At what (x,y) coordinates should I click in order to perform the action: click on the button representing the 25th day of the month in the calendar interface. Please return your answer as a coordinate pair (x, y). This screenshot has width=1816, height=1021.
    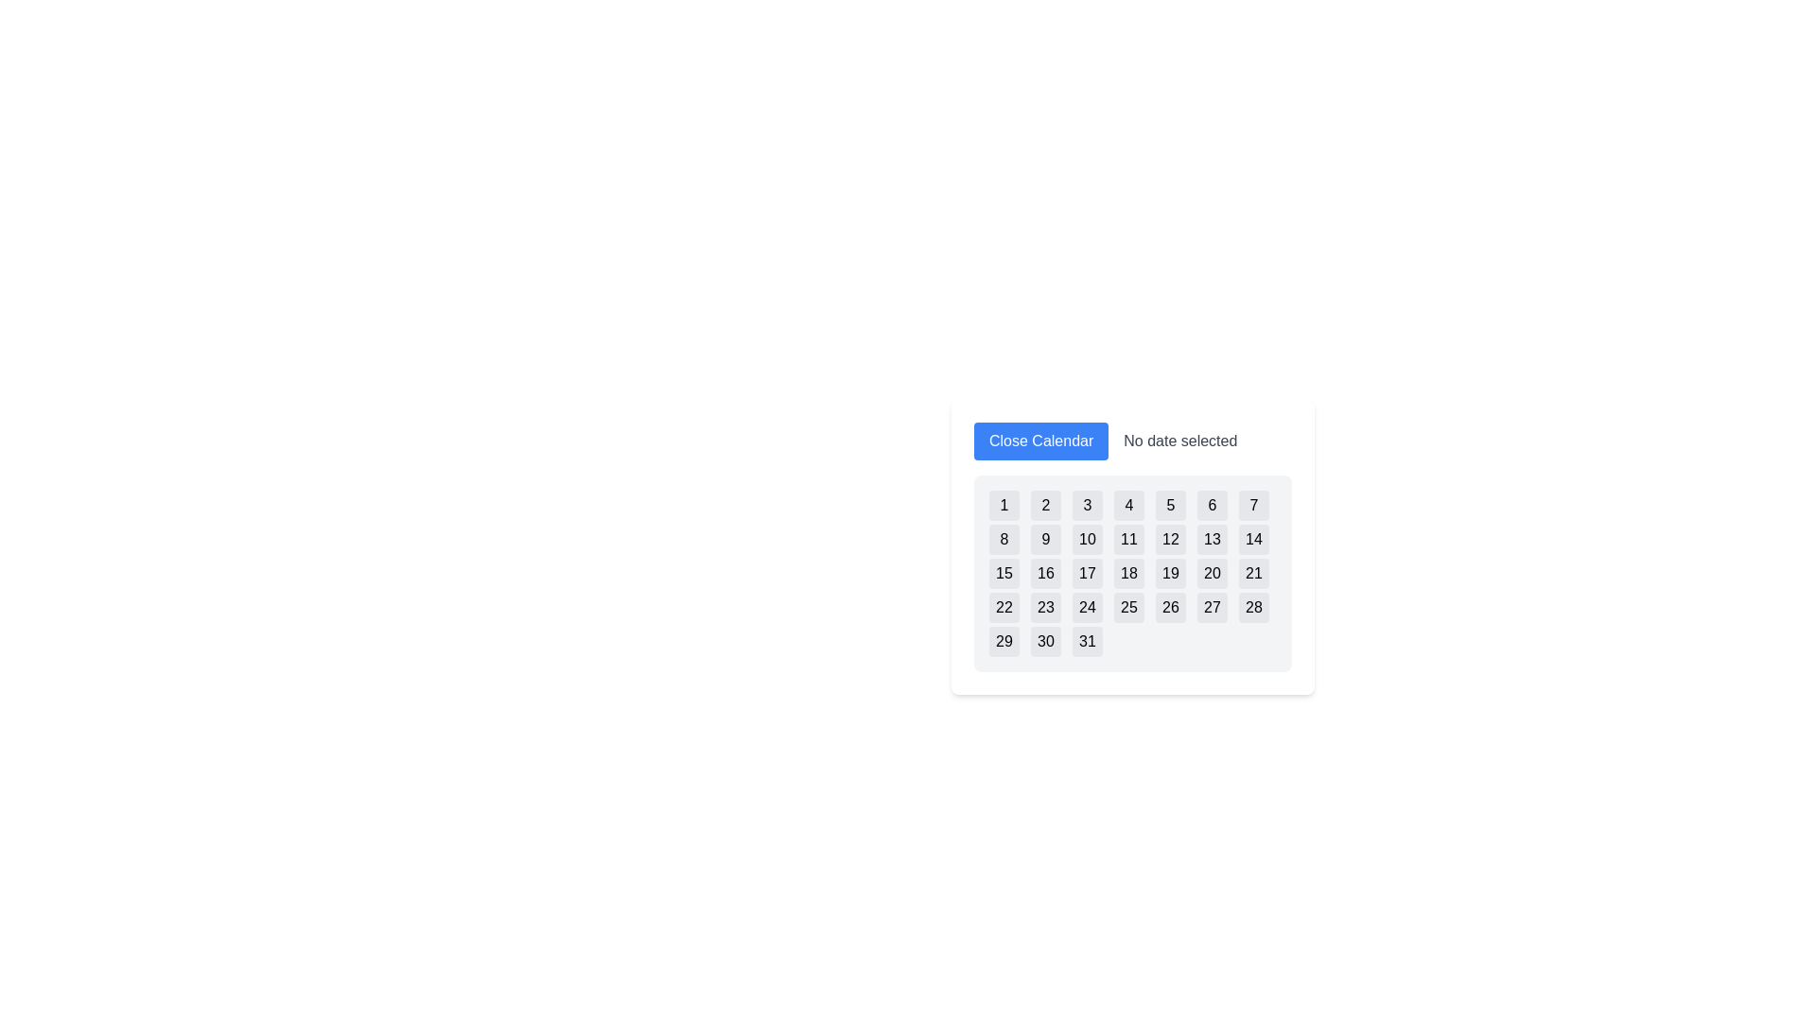
    Looking at the image, I should click on (1129, 608).